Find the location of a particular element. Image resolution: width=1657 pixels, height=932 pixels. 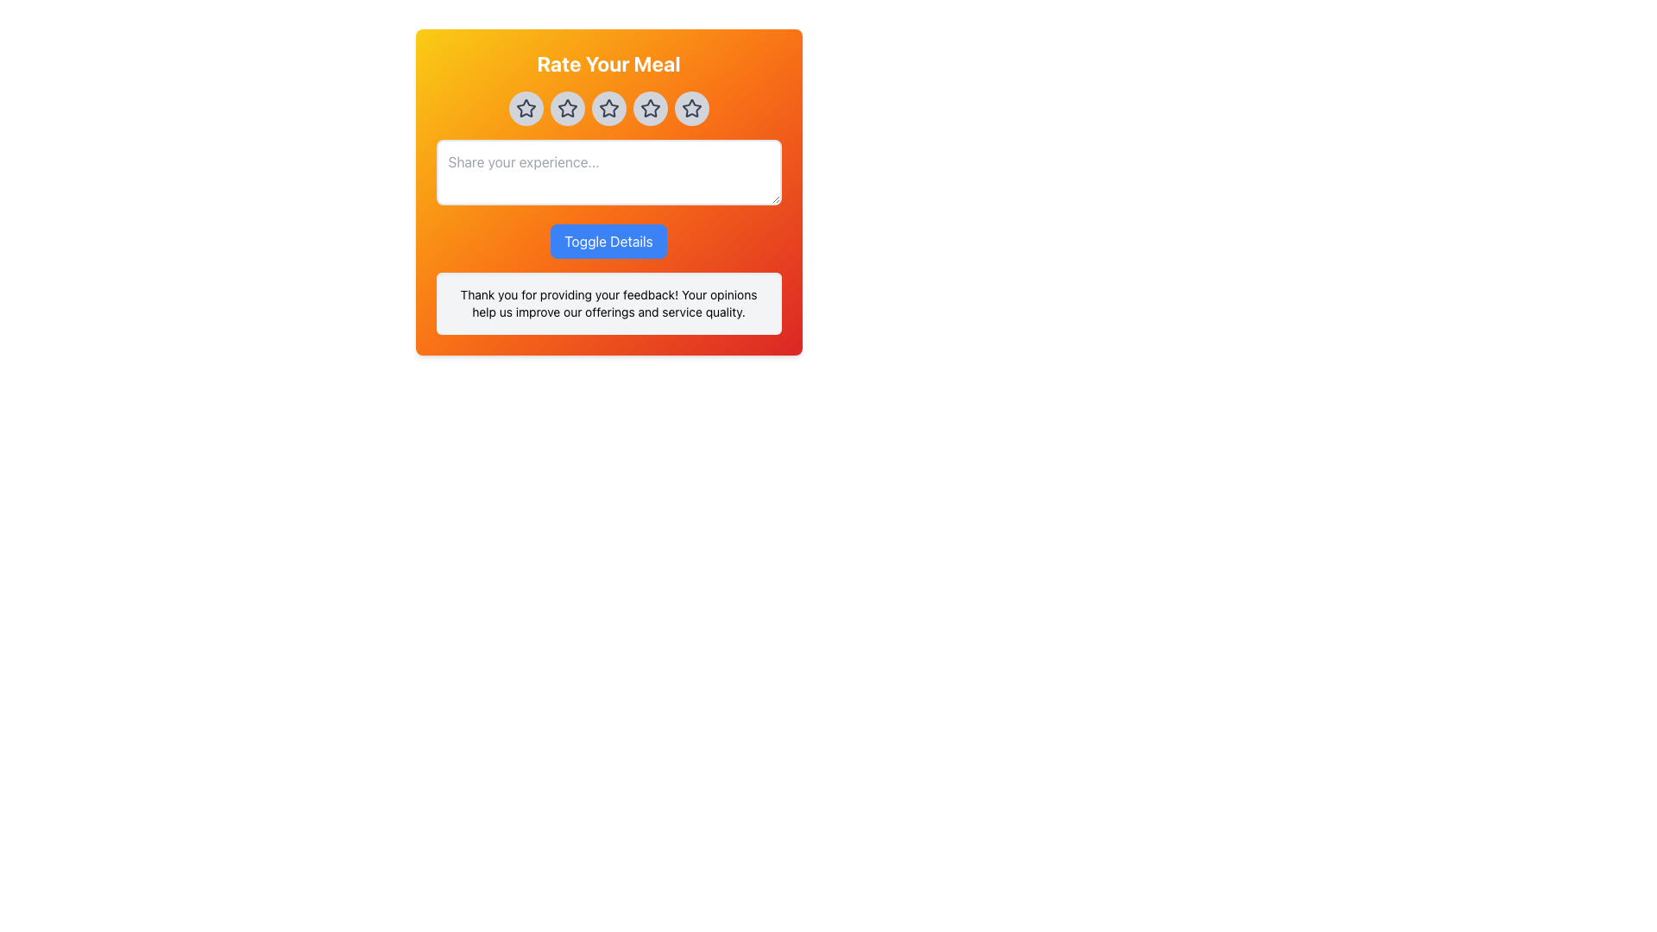

the third star icon in the rating section to record a three-star rating is located at coordinates (649, 109).